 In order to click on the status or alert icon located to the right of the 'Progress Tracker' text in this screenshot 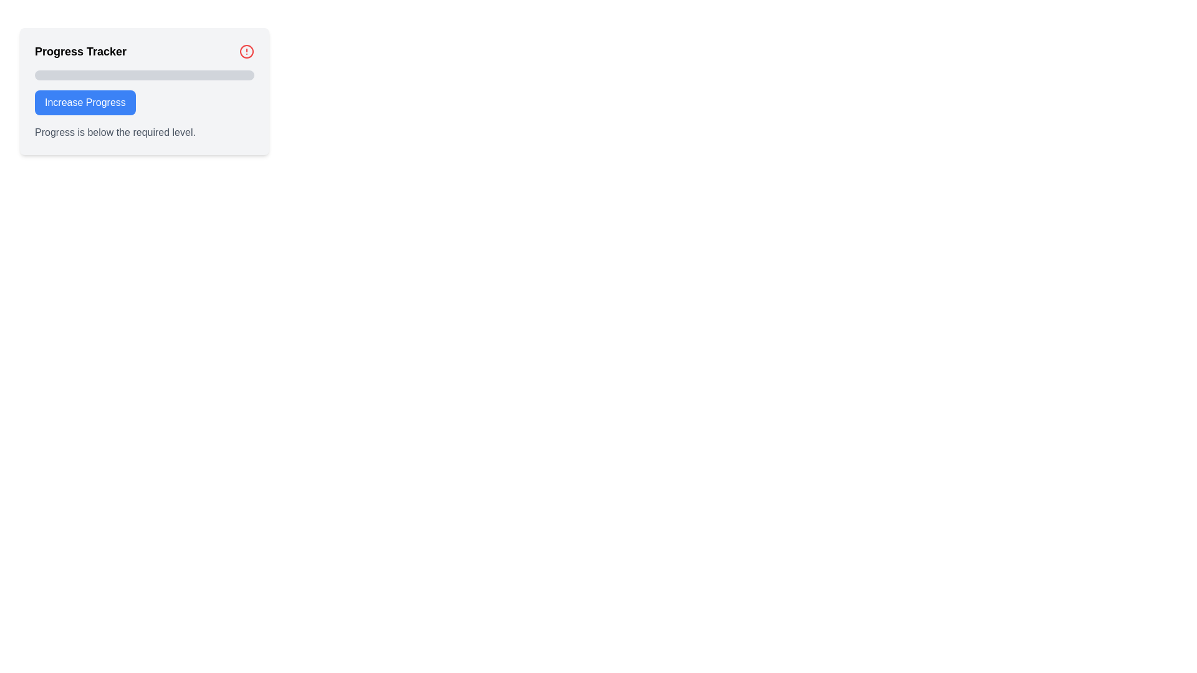, I will do `click(246, 51)`.